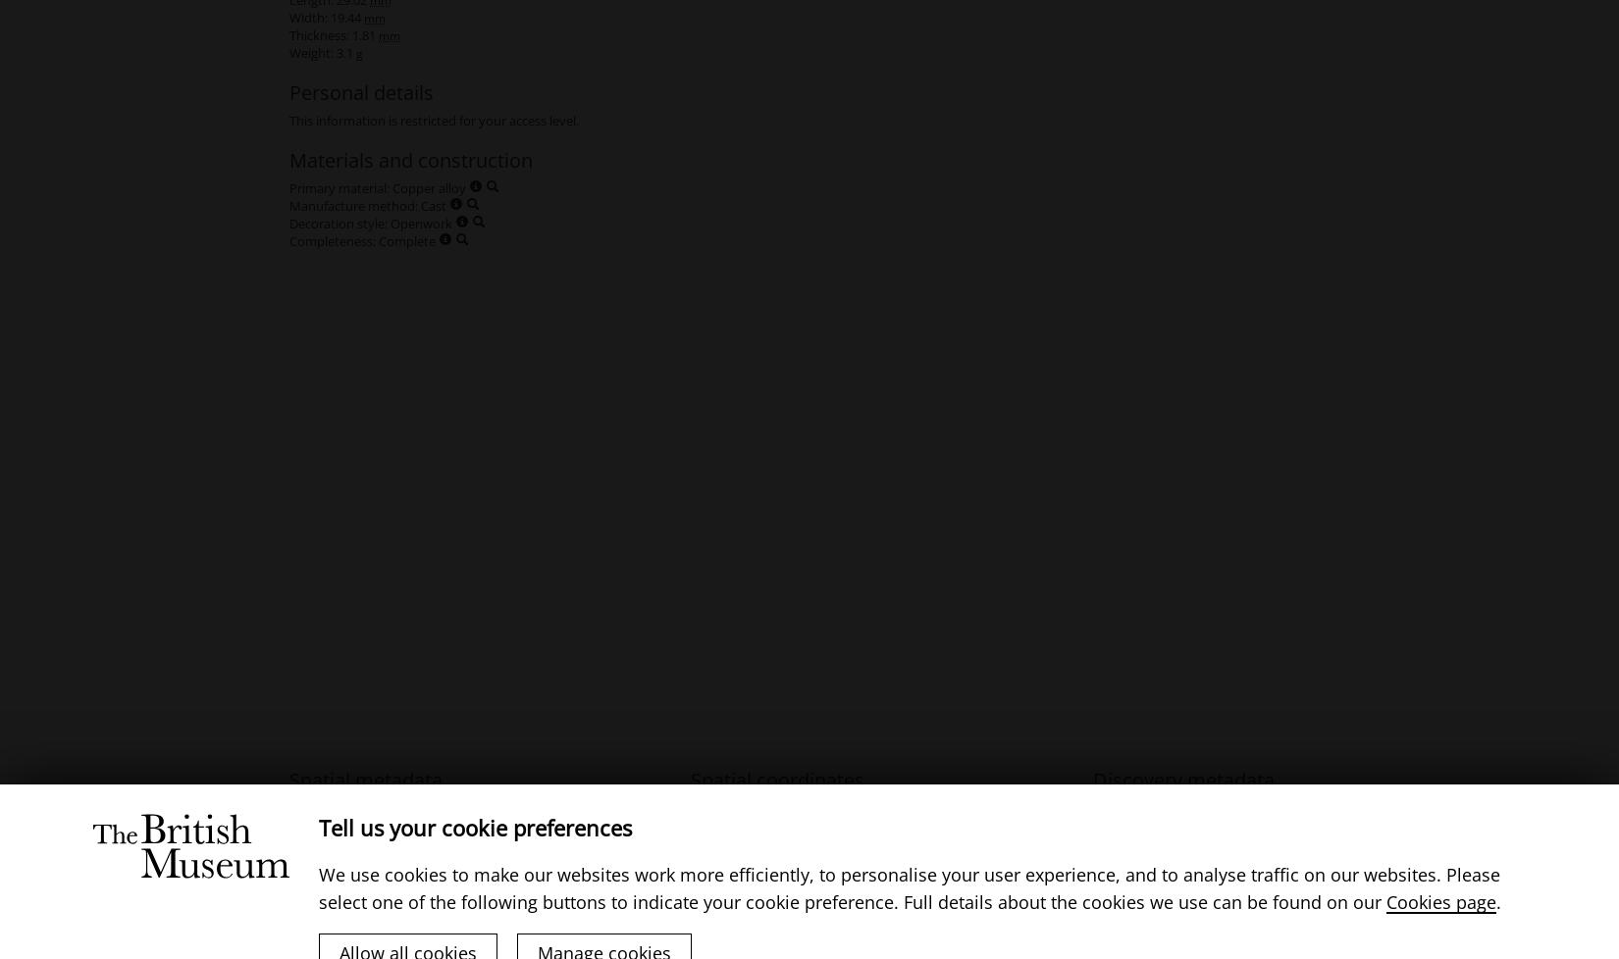 Image resolution: width=1619 pixels, height=959 pixels. Describe the element at coordinates (366, 779) in the screenshot. I see `'Spatial metadata'` at that location.